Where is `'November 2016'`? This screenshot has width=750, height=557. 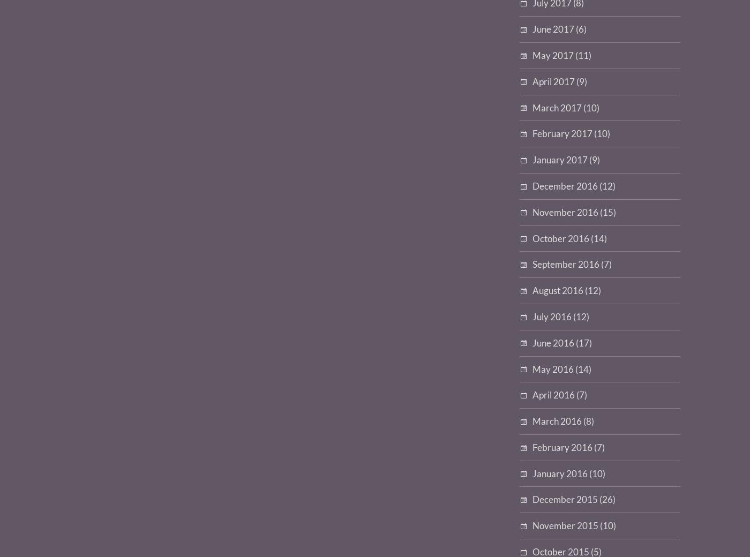 'November 2016' is located at coordinates (565, 212).